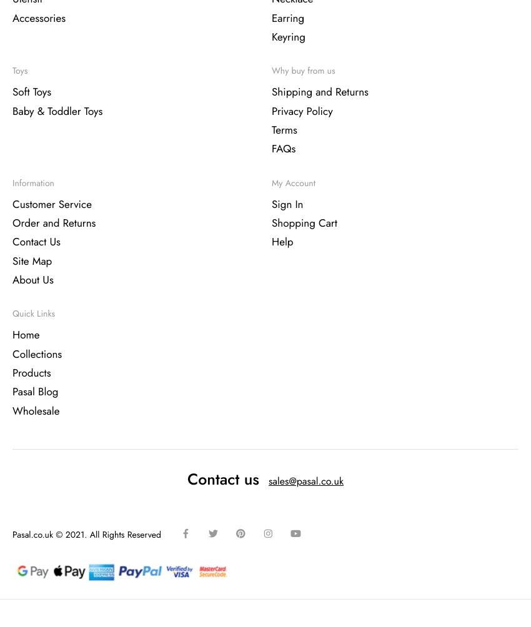  What do you see at coordinates (271, 183) in the screenshot?
I see `'My Account'` at bounding box center [271, 183].